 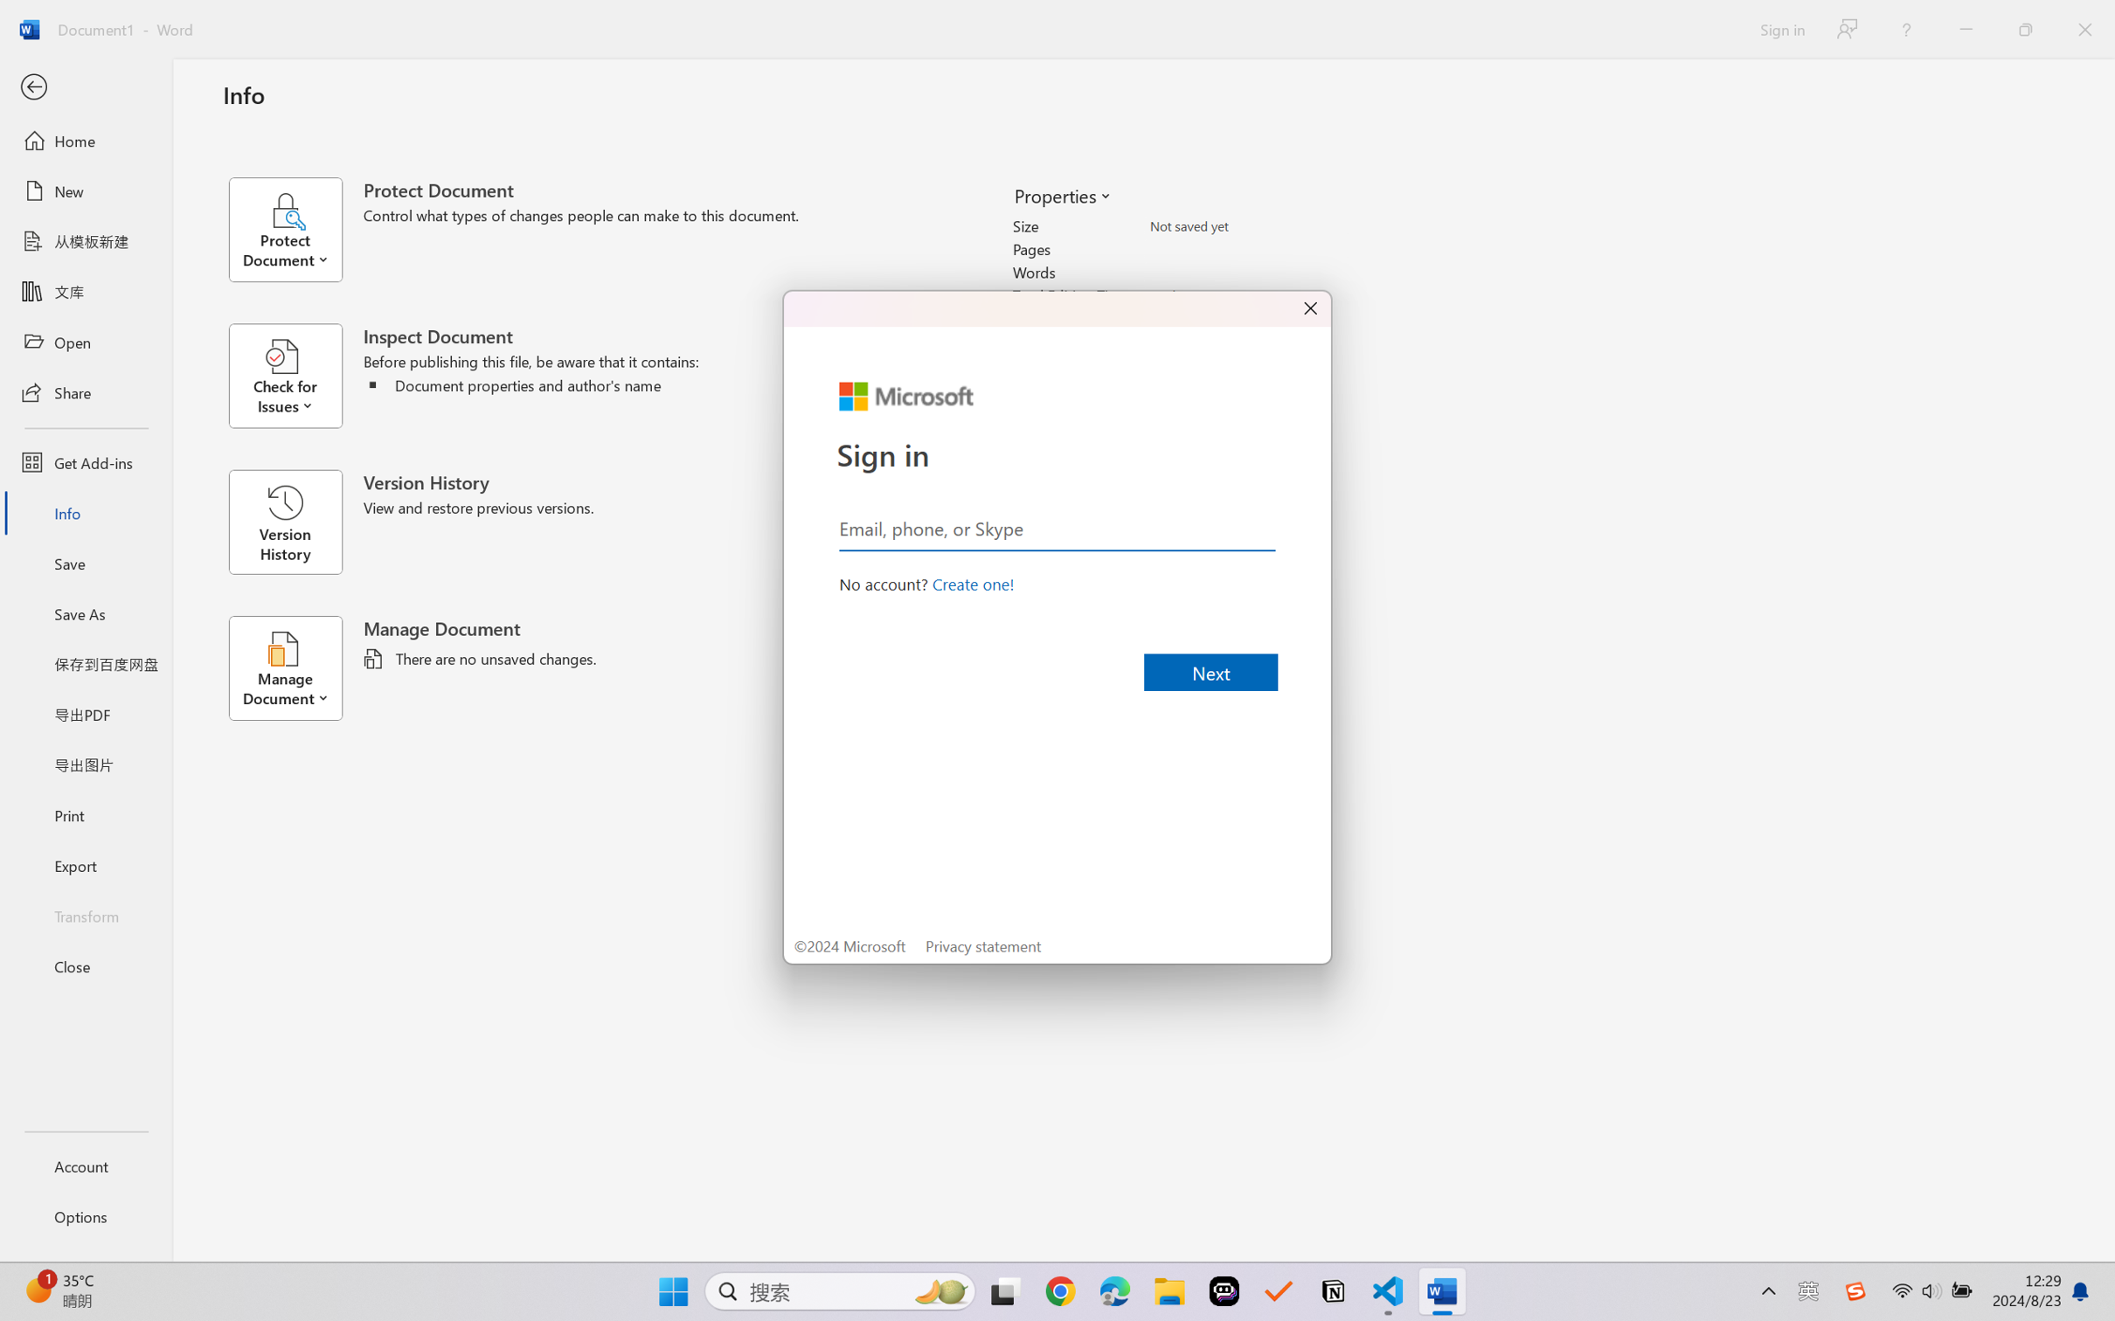 What do you see at coordinates (85, 512) in the screenshot?
I see `'Info'` at bounding box center [85, 512].